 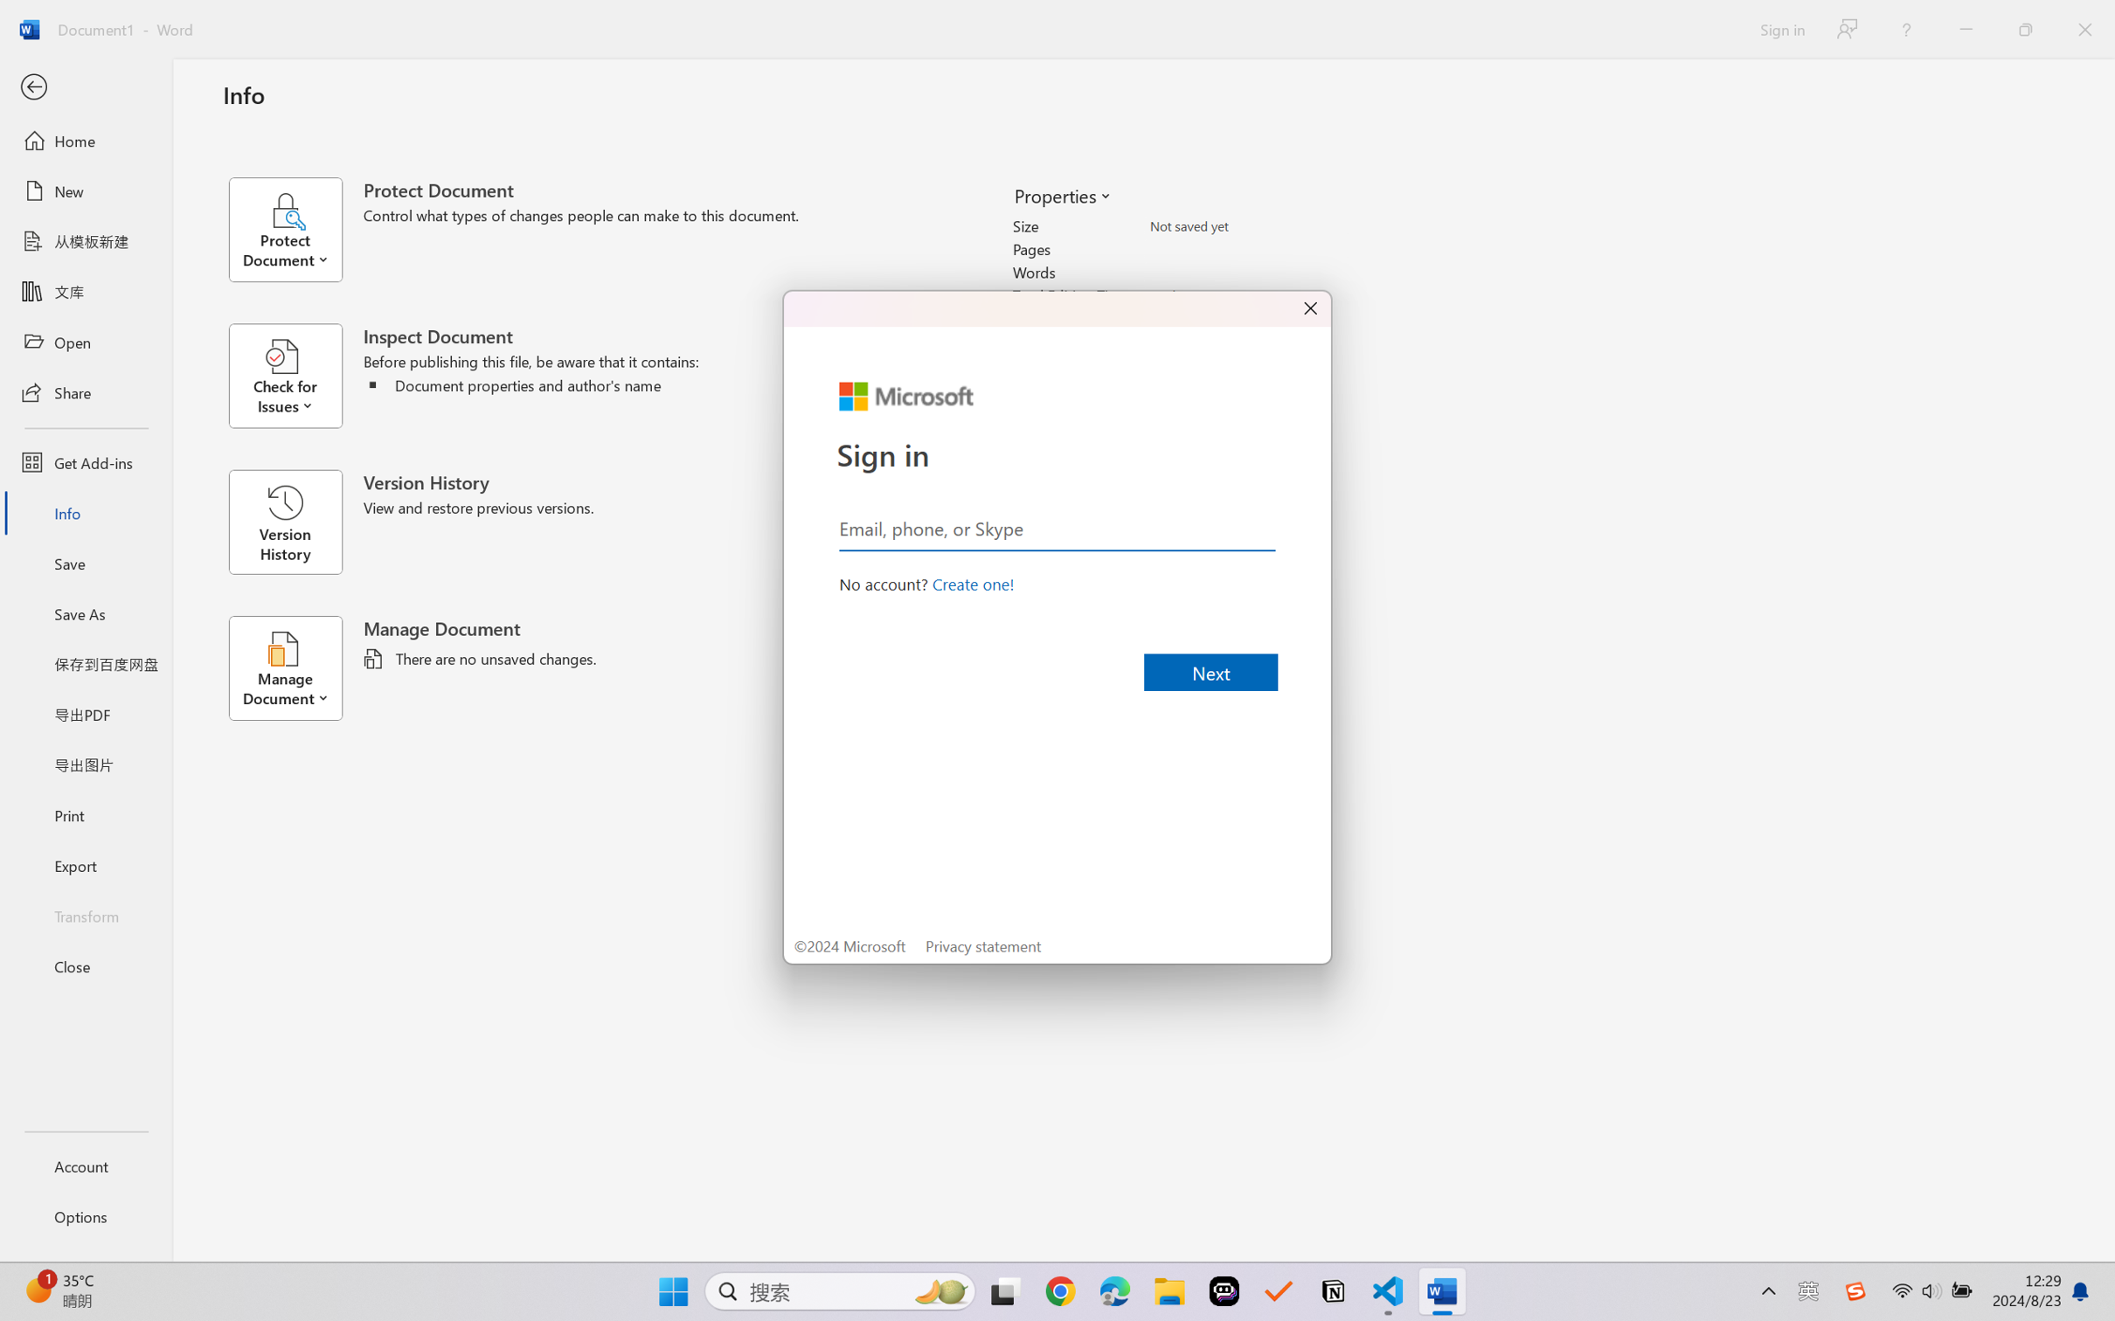 What do you see at coordinates (85, 512) in the screenshot?
I see `'Info'` at bounding box center [85, 512].